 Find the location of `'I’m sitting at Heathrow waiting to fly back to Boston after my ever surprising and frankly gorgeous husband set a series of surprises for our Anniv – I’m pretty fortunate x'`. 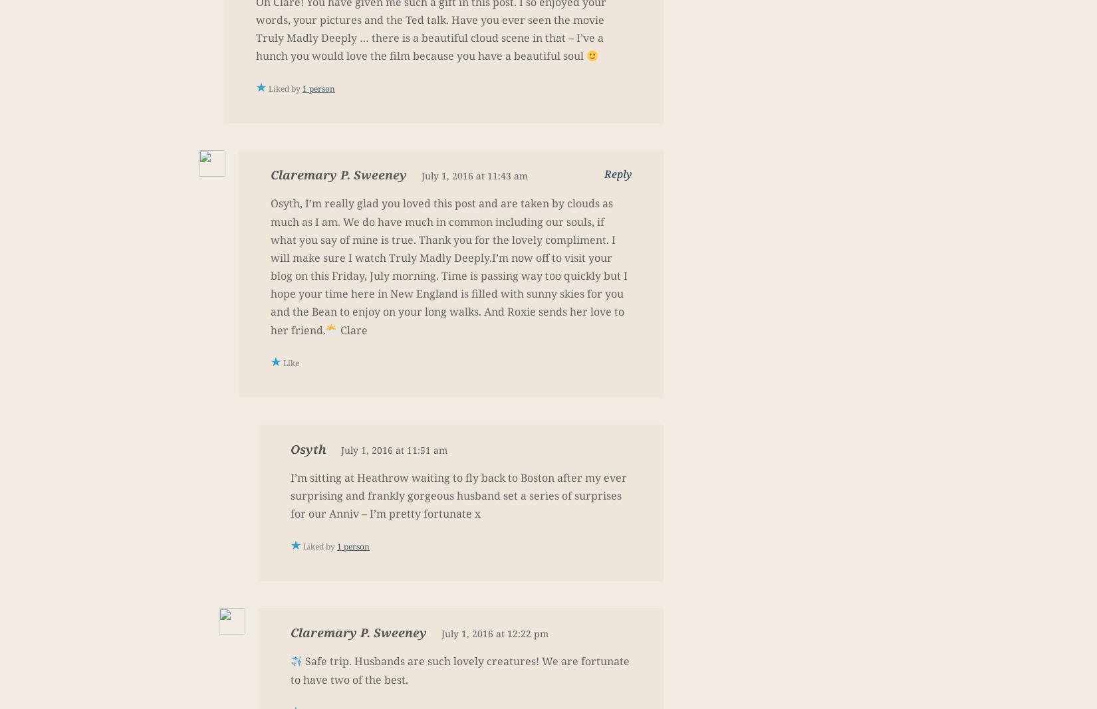

'I’m sitting at Heathrow waiting to fly back to Boston after my ever surprising and frankly gorgeous husband set a series of surprises for our Anniv – I’m pretty fortunate x' is located at coordinates (458, 494).